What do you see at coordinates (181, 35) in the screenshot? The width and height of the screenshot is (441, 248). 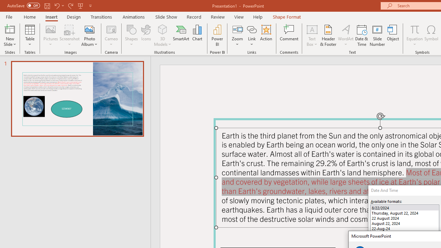 I see `'SmartArt...'` at bounding box center [181, 35].